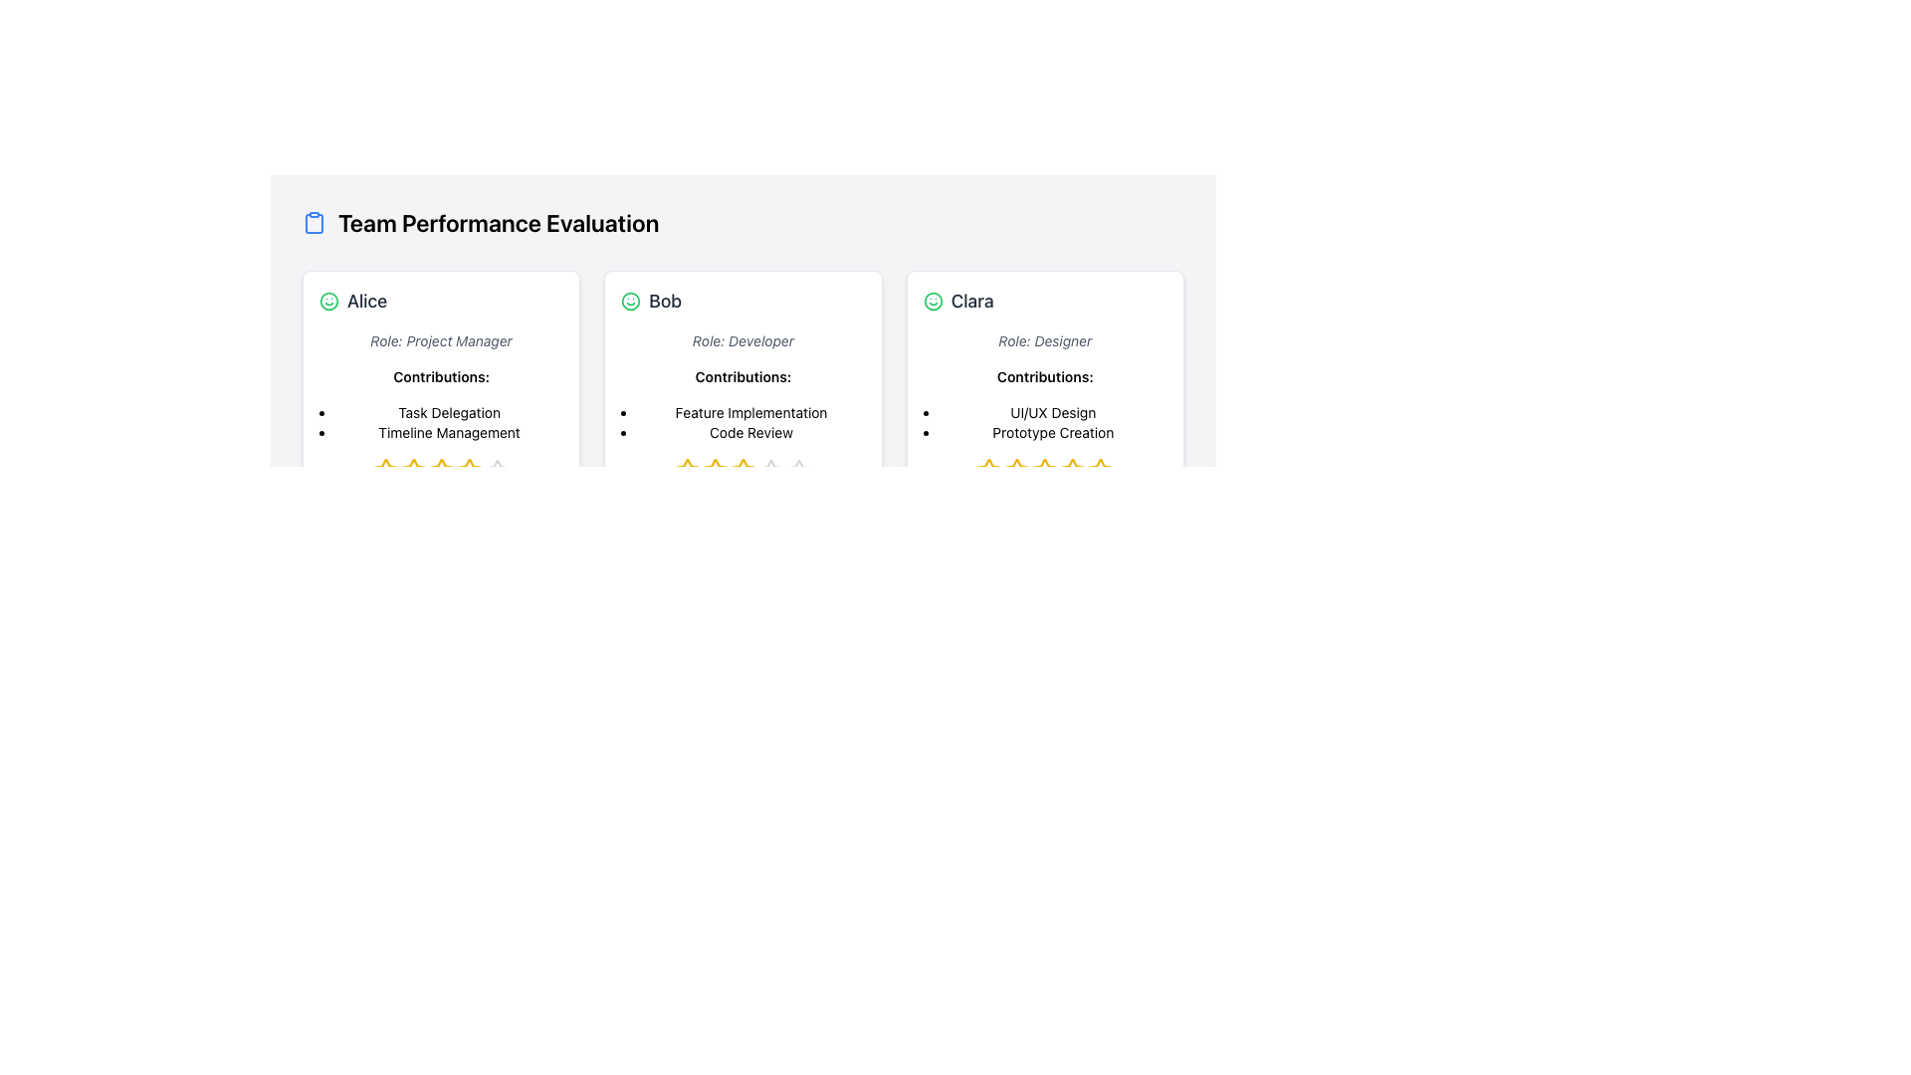 This screenshot has height=1075, width=1911. Describe the element at coordinates (385, 470) in the screenshot. I see `the star icon in the rating component for 'Alice' in the 'Team Performance Evaluation' section to rate it` at that location.